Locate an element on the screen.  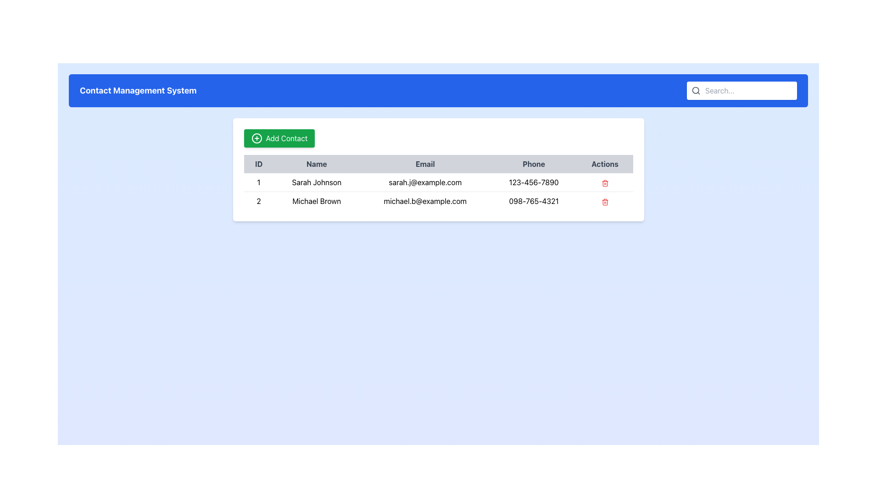
the 'Email' column header in the table, which is displayed in bold and dark font on a light gray background is located at coordinates (424, 164).